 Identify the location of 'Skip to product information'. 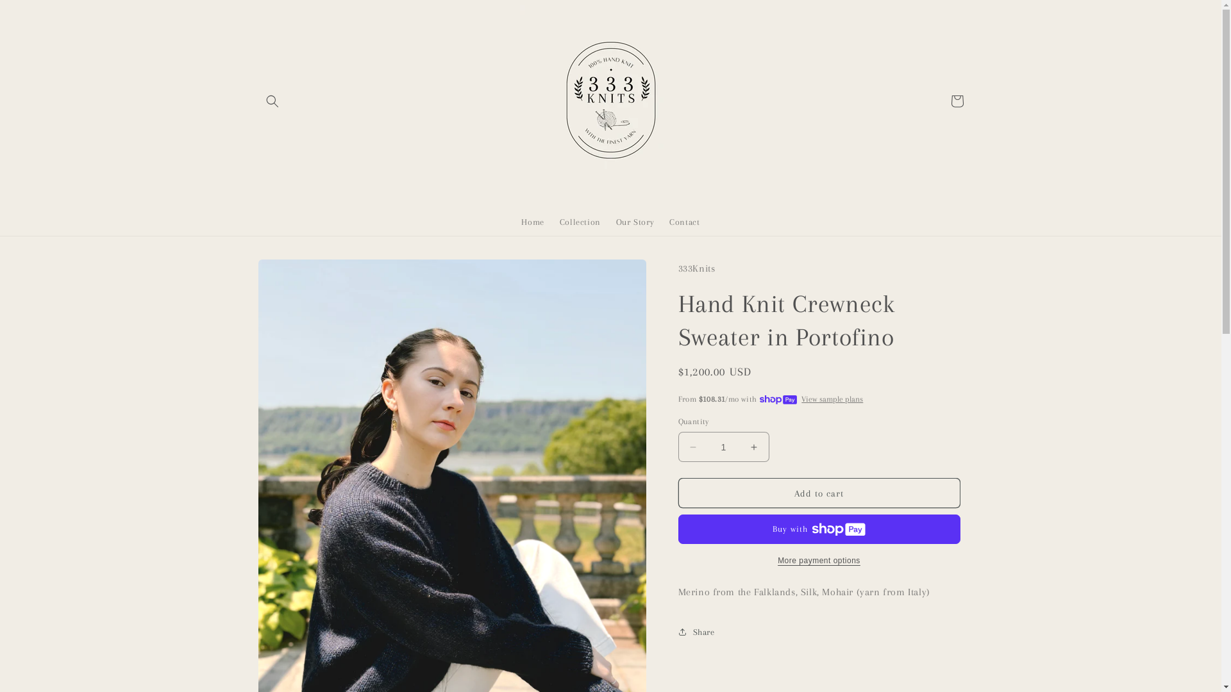
(296, 273).